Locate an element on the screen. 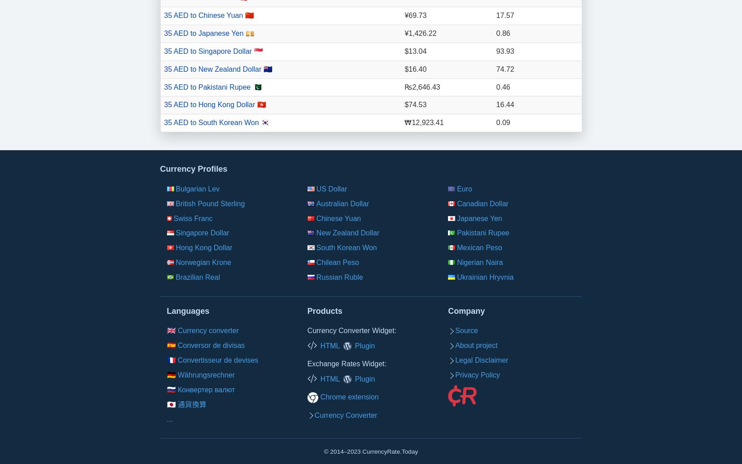 The image size is (742, 464). '0.46' is located at coordinates (503, 87).